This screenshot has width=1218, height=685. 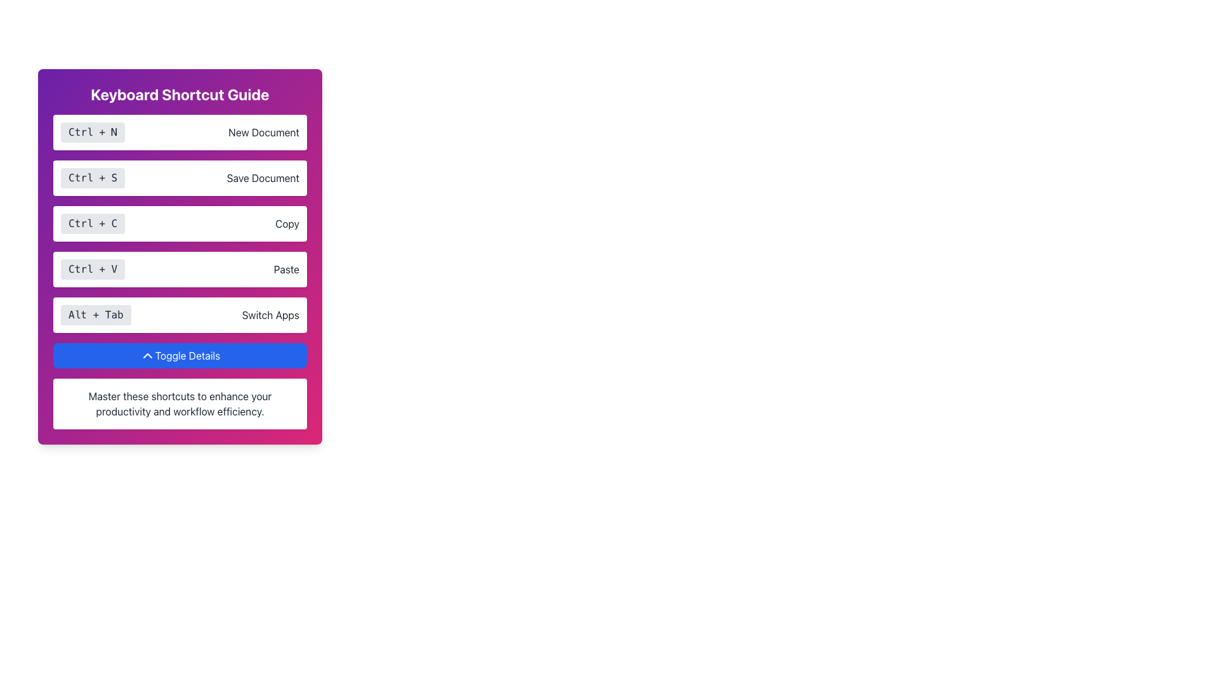 What do you see at coordinates (262, 178) in the screenshot?
I see `the text label displaying 'Save Document' which is styled with dark-gray text against a white background, located adjacent to the 'Ctrl + S' shortcut label` at bounding box center [262, 178].